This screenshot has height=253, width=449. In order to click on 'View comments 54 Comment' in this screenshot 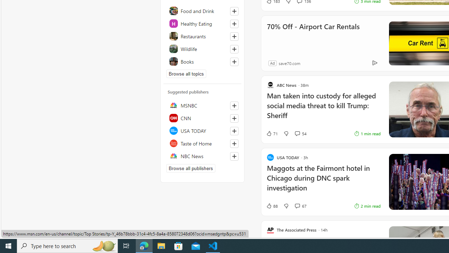, I will do `click(297, 134)`.